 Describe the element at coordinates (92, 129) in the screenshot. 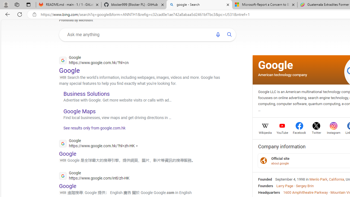

I see `'See results only from google.com.hk'` at that location.